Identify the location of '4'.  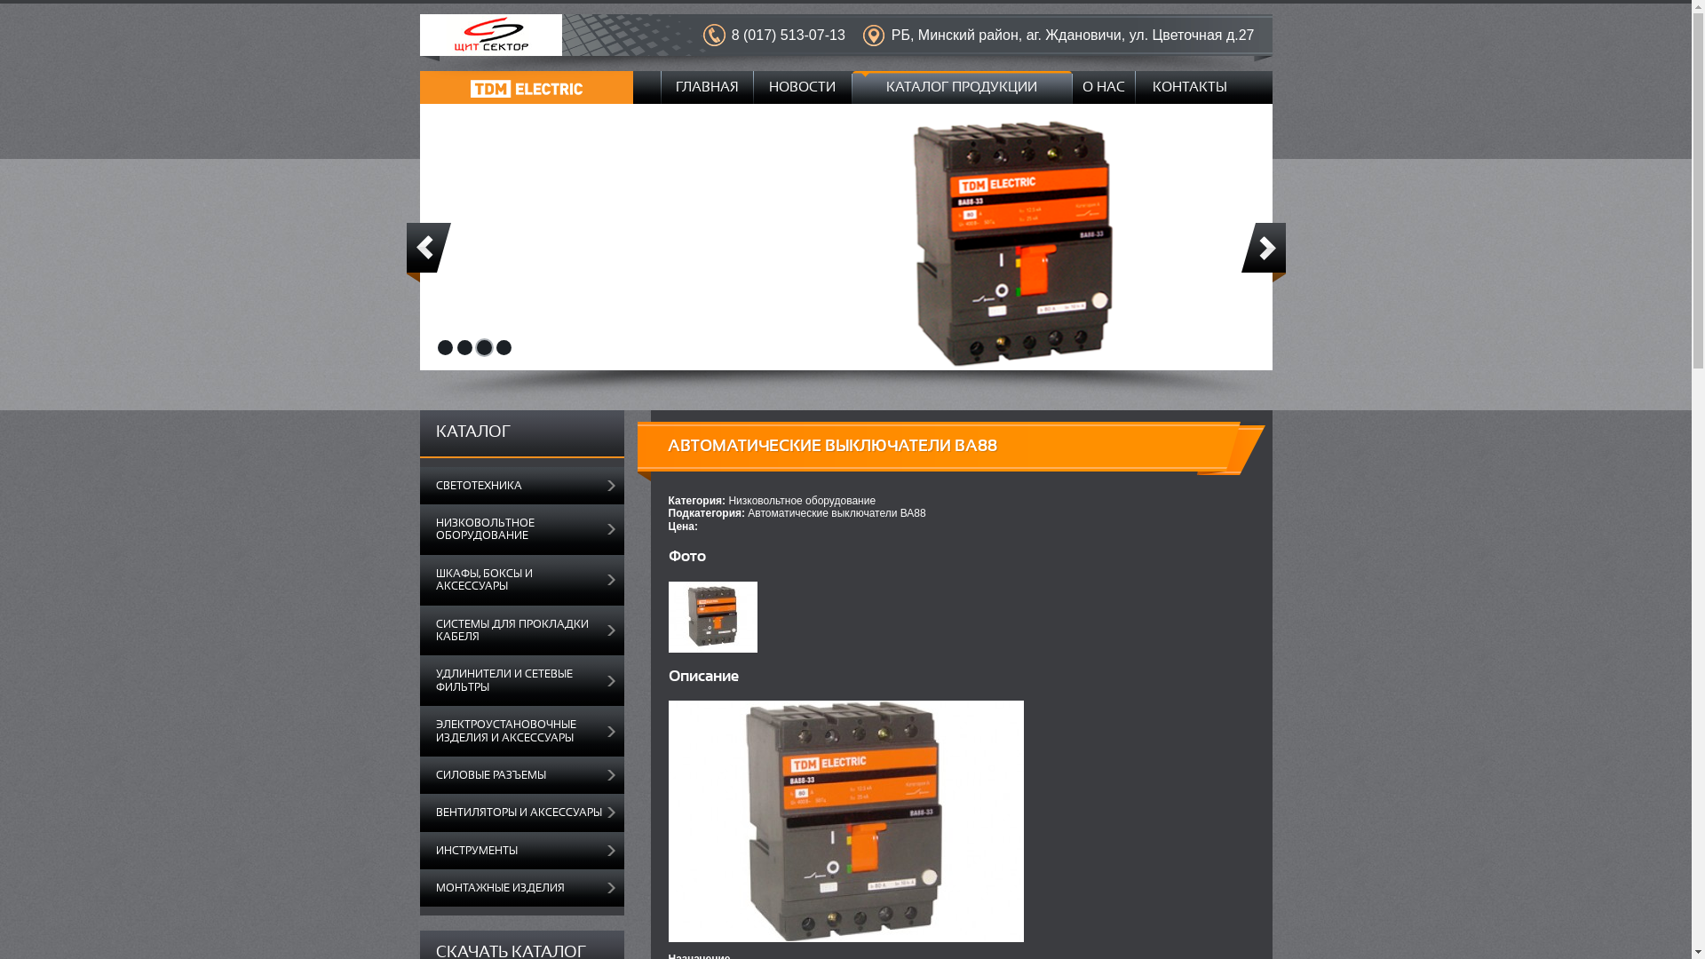
(502, 347).